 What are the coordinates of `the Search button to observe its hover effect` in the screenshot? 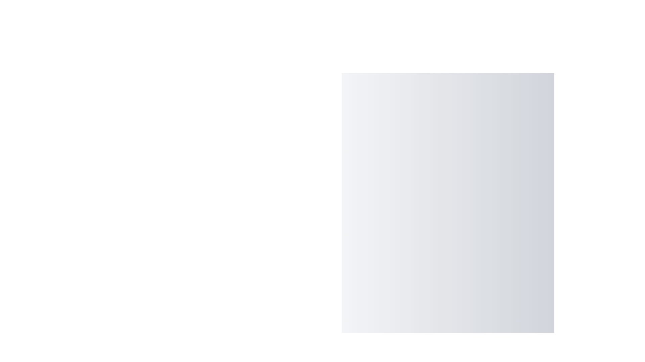 It's located at (545, 358).